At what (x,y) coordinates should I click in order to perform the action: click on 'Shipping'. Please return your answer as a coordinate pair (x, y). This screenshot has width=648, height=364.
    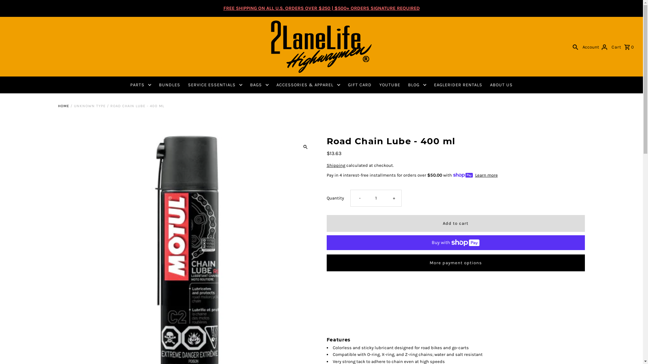
    Looking at the image, I should click on (336, 165).